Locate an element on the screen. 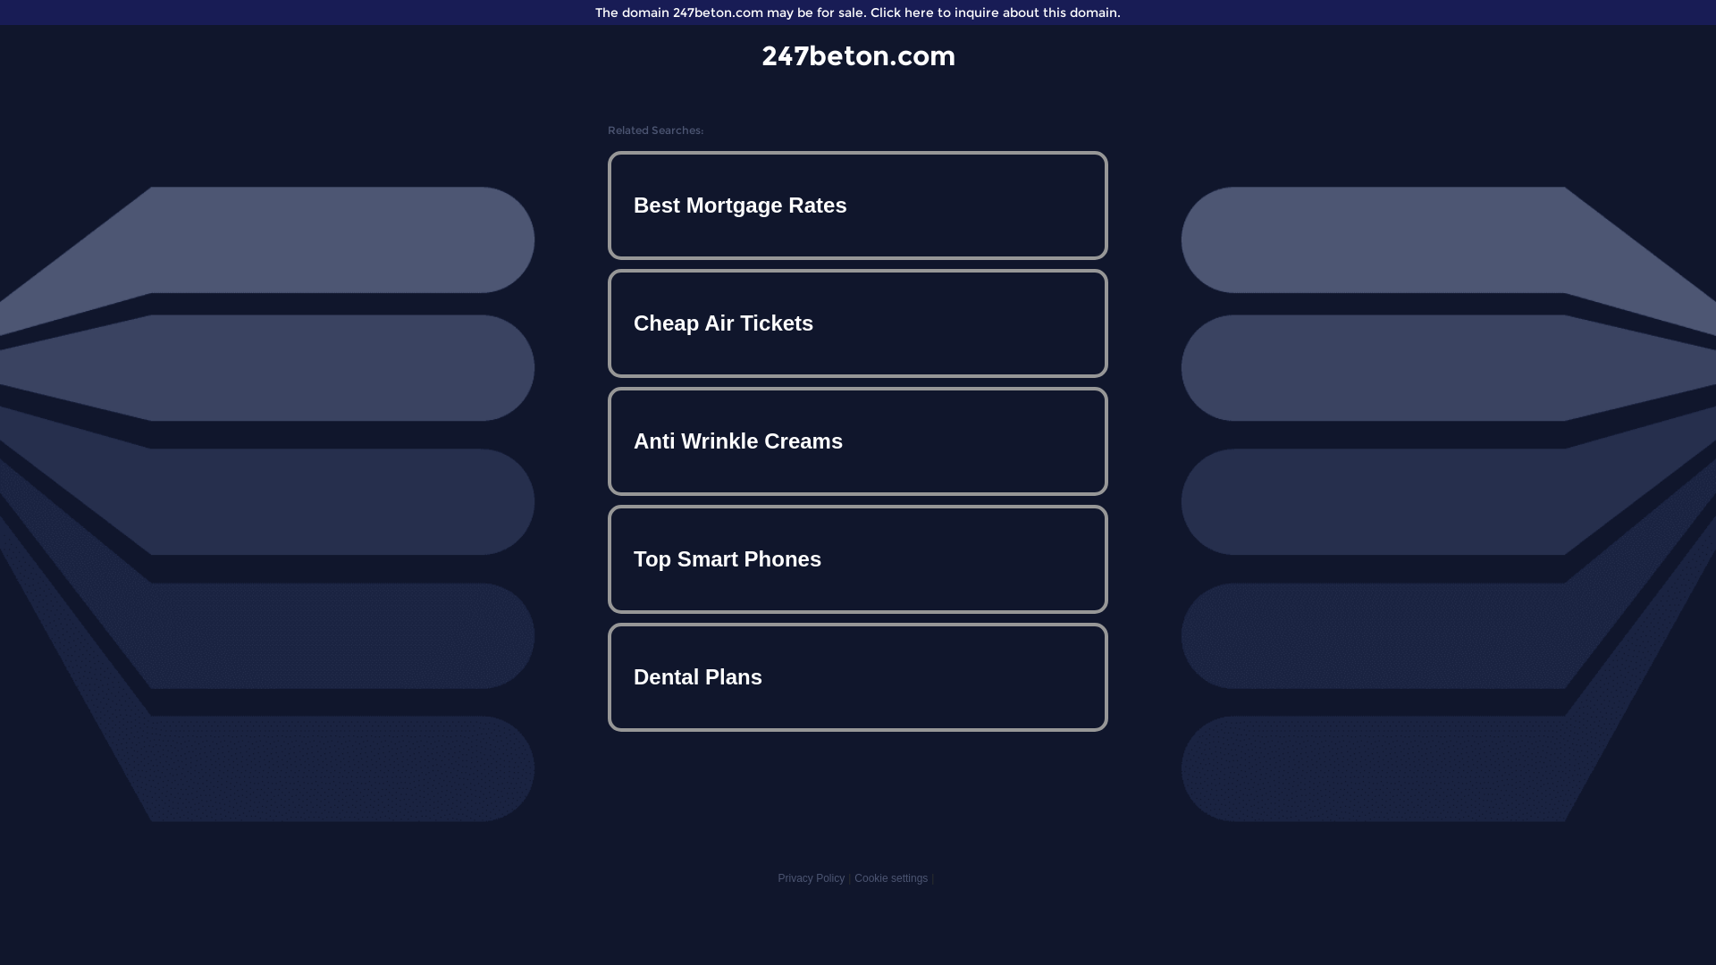 The height and width of the screenshot is (965, 1716). 'Cheap Air Tickets' is located at coordinates (611, 323).